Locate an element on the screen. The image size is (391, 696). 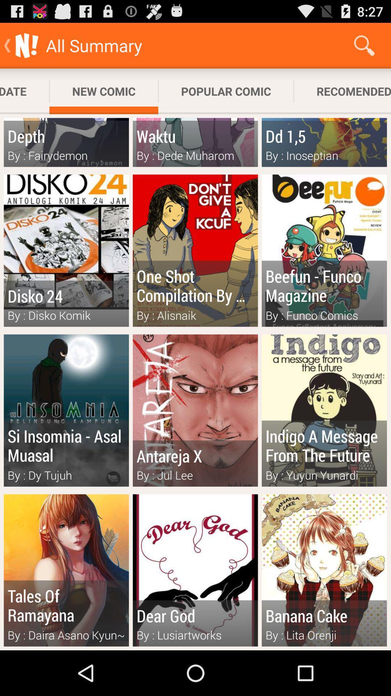
app next to popular comic app is located at coordinates (364, 45).